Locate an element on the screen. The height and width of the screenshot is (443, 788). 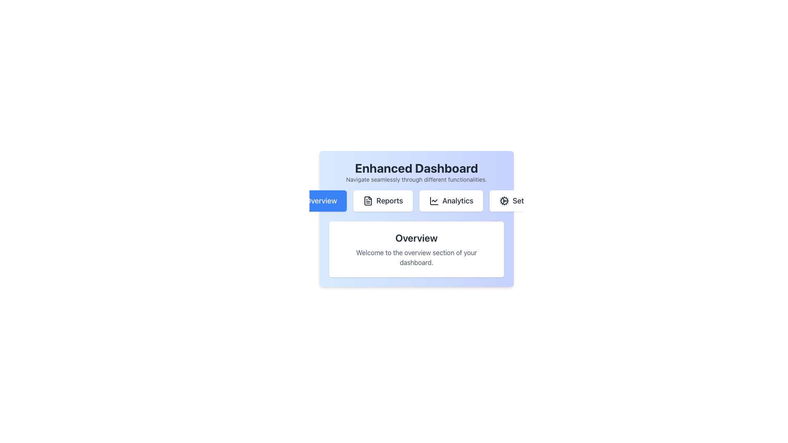
the navigation button labeled 'Reports' located in the horizontal navigation bar, positioned between 'Overview' and 'Analytics' is located at coordinates (416, 201).